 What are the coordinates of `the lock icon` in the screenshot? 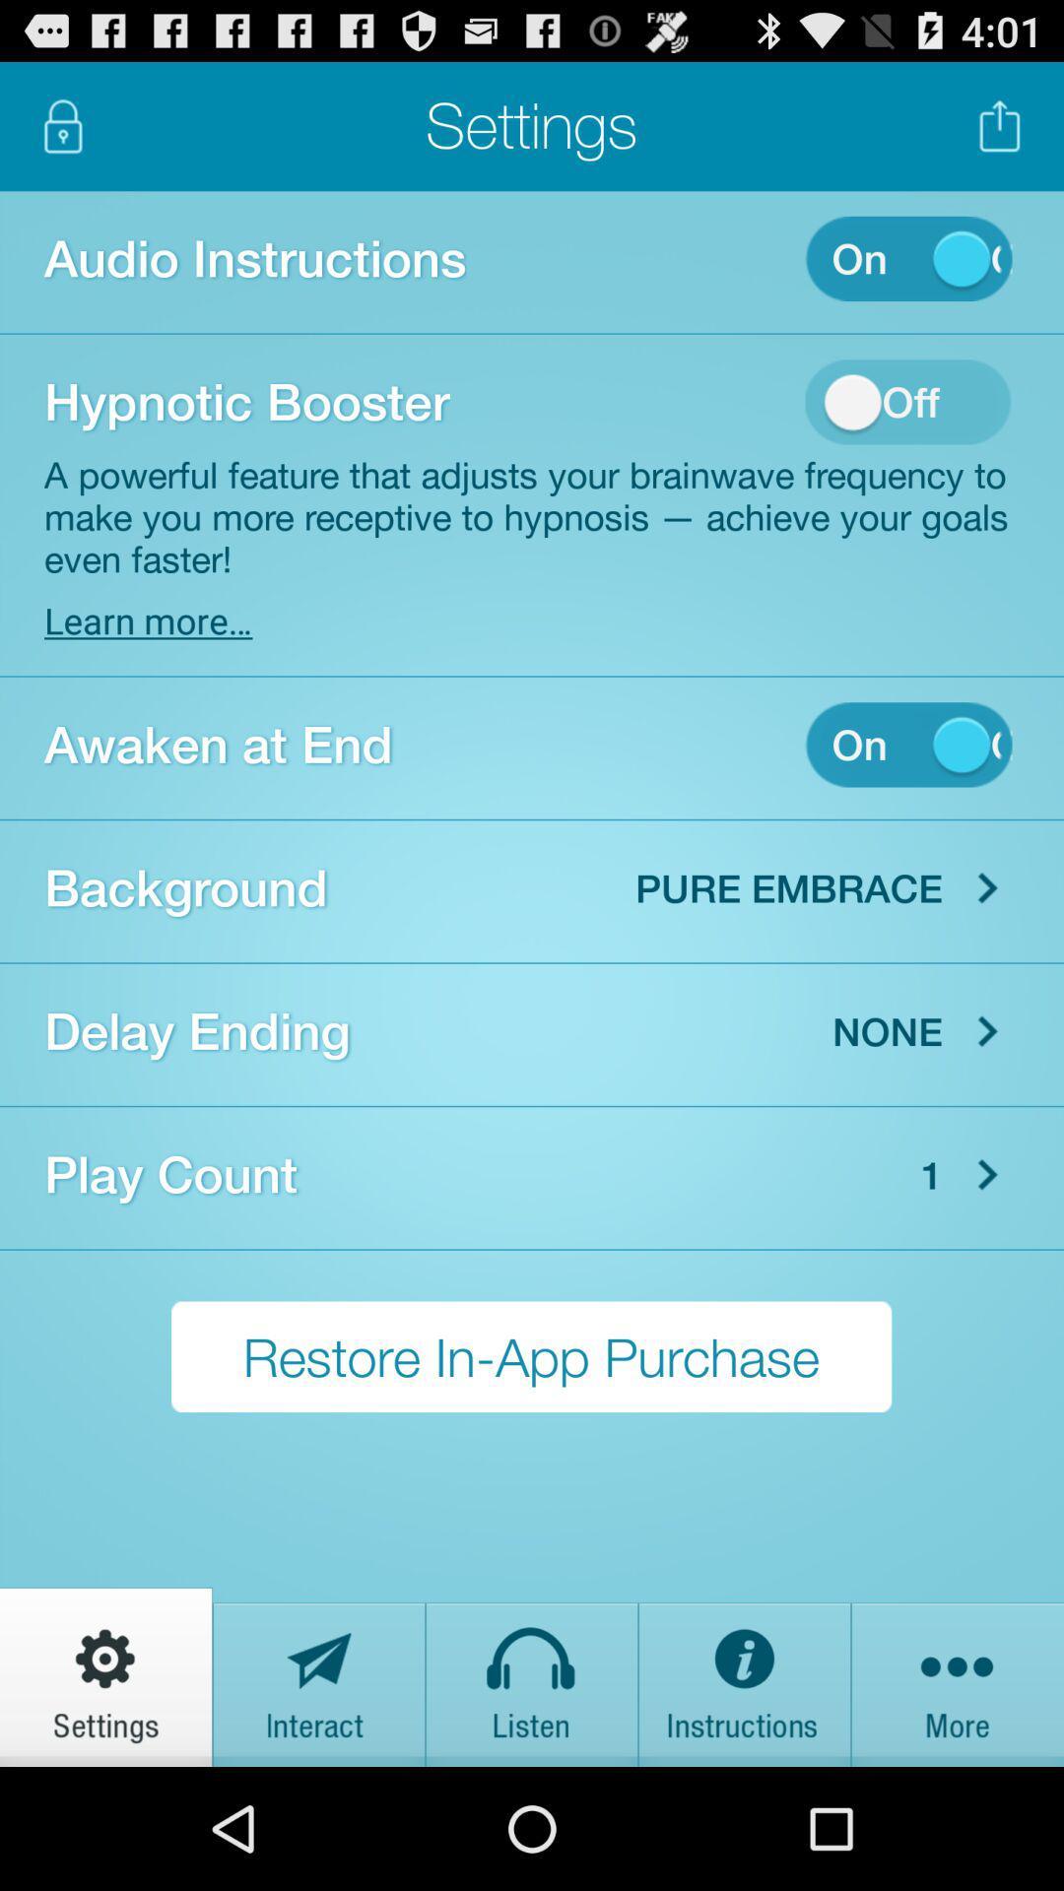 It's located at (62, 134).